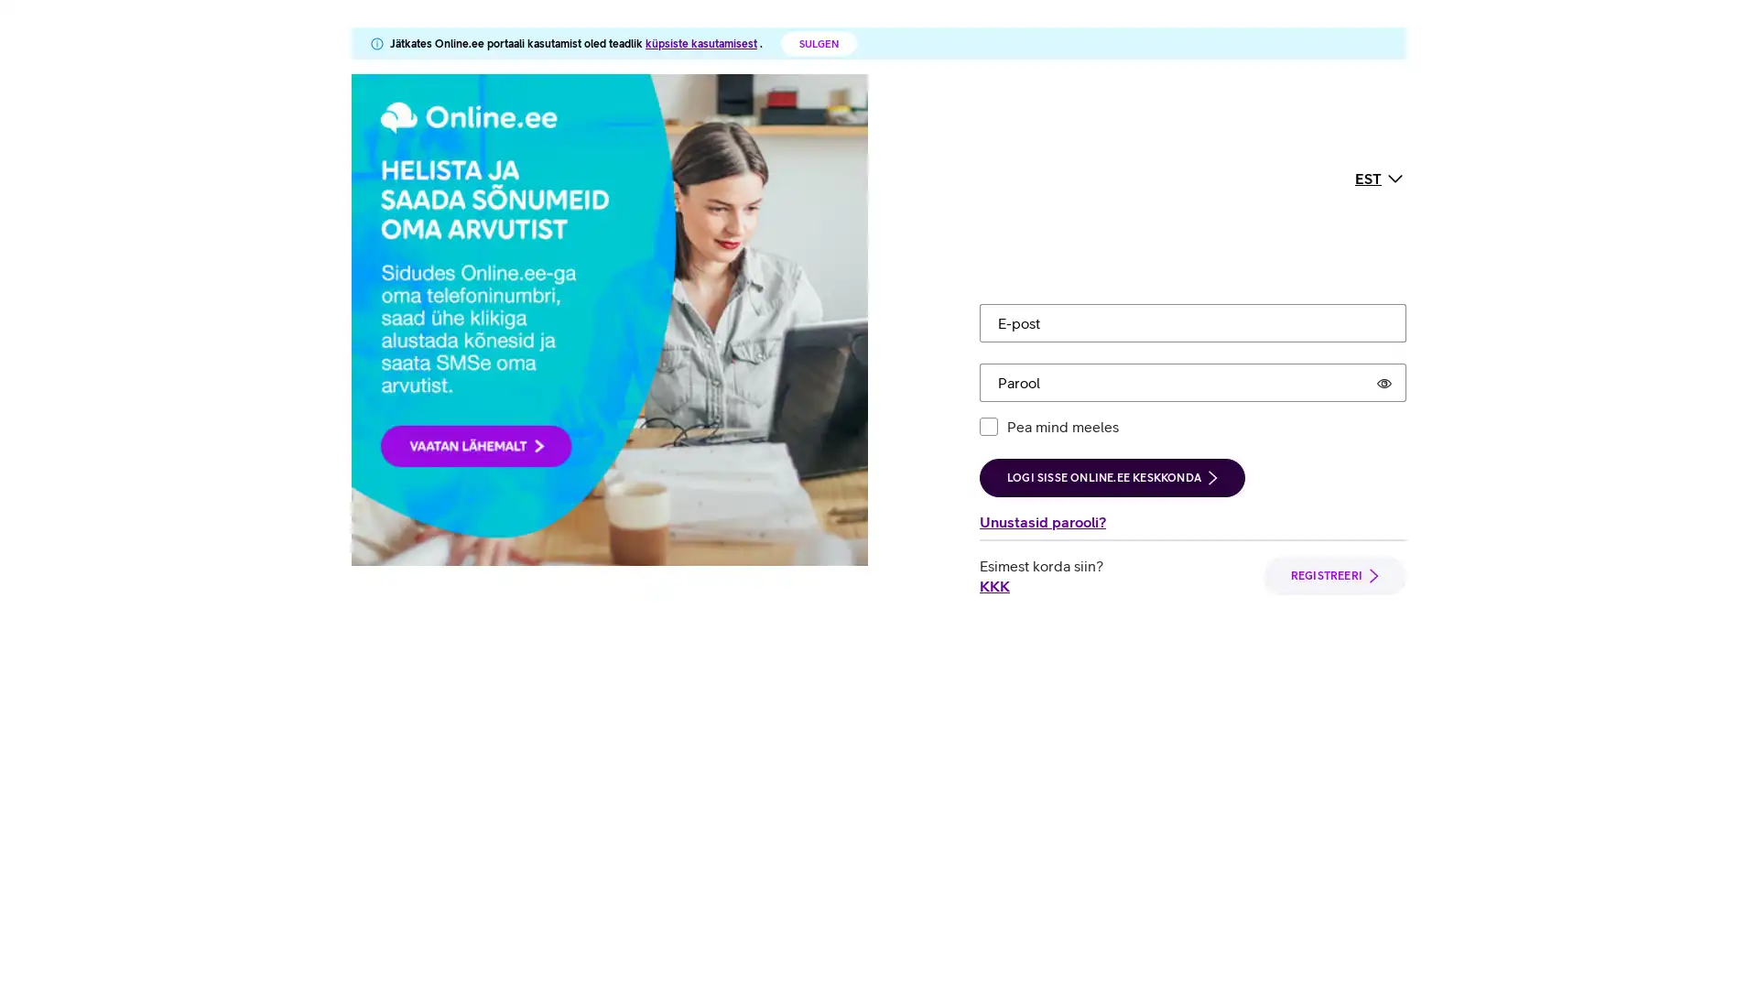  What do you see at coordinates (818, 42) in the screenshot?
I see `SULGEN` at bounding box center [818, 42].